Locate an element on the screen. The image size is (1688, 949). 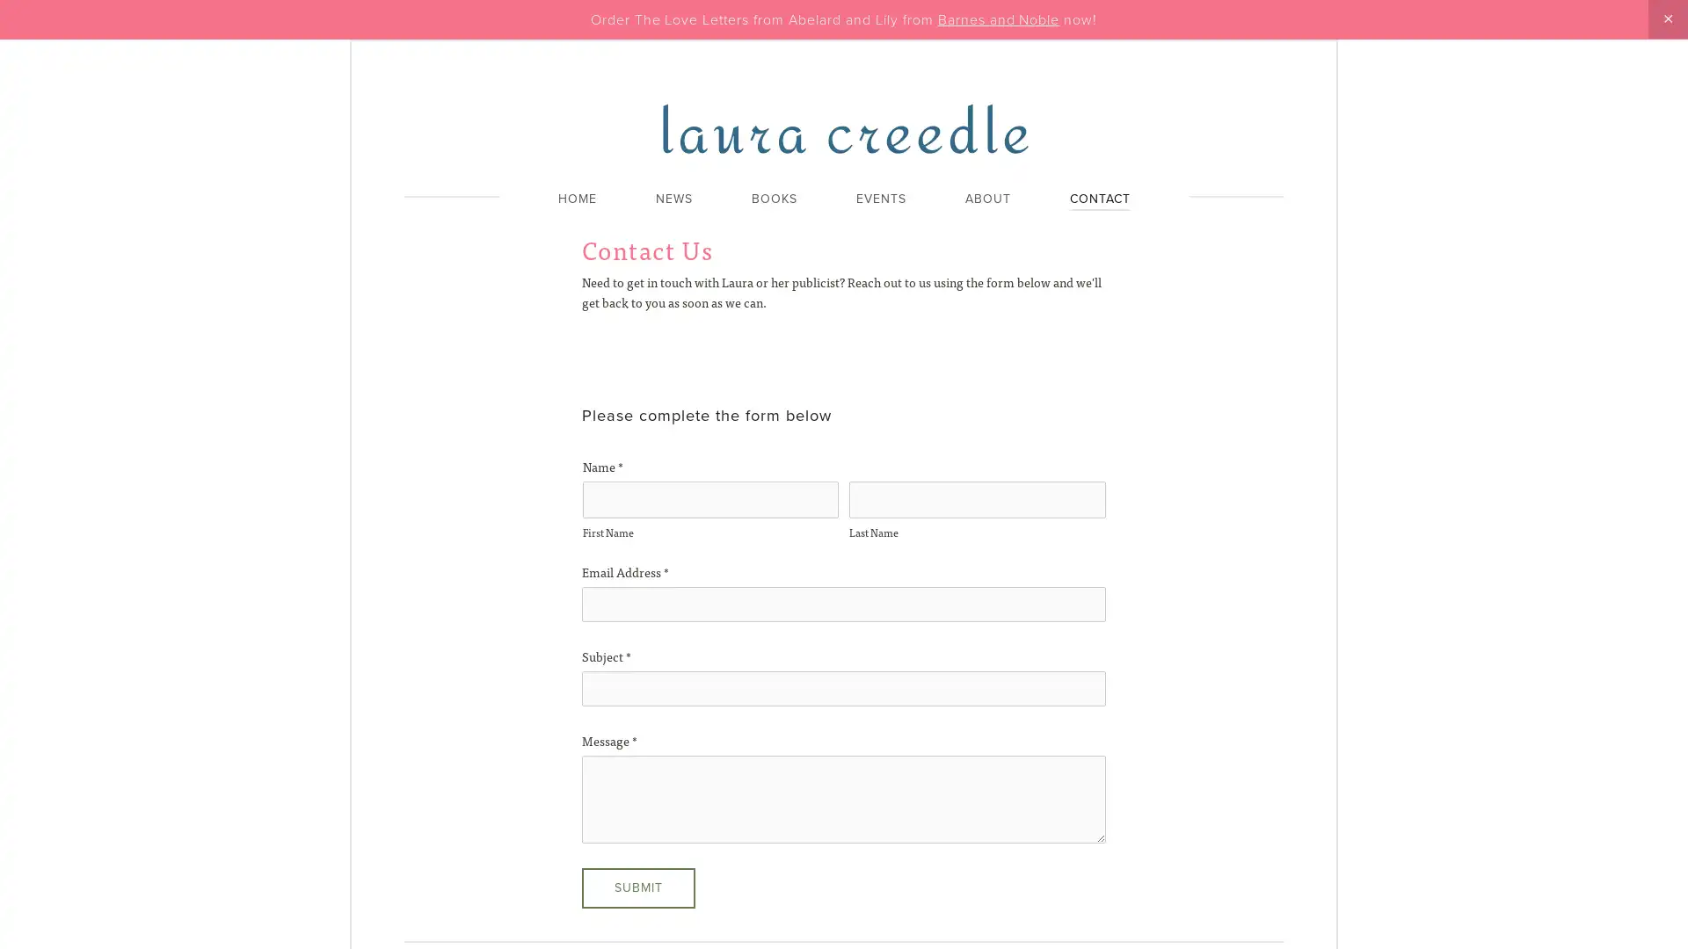
Submit is located at coordinates (637, 887).